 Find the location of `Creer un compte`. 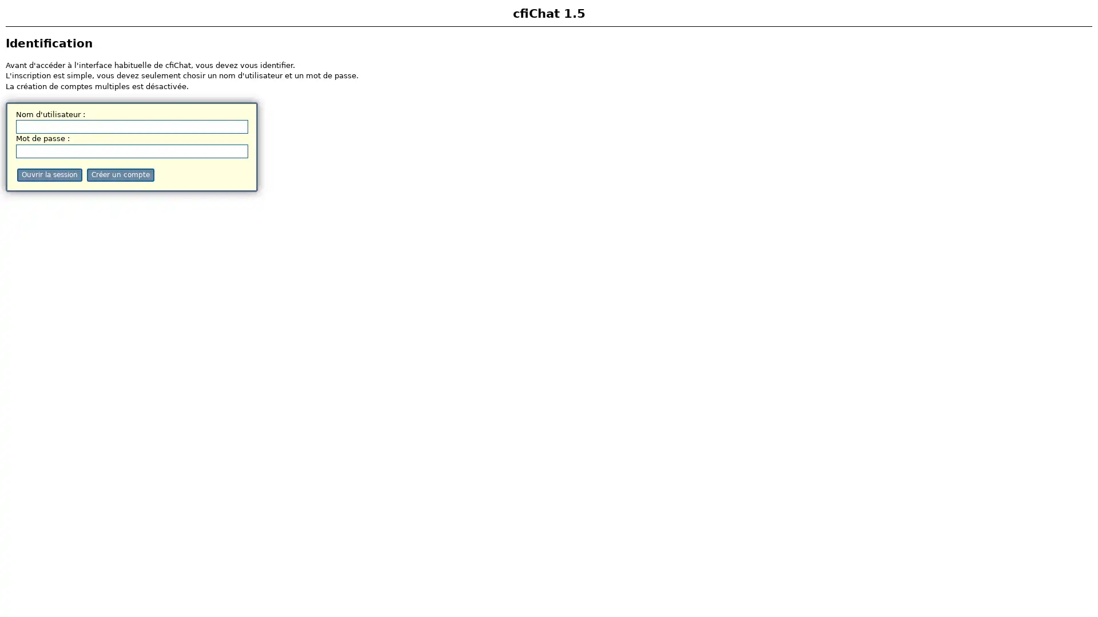

Creer un compte is located at coordinates (121, 174).